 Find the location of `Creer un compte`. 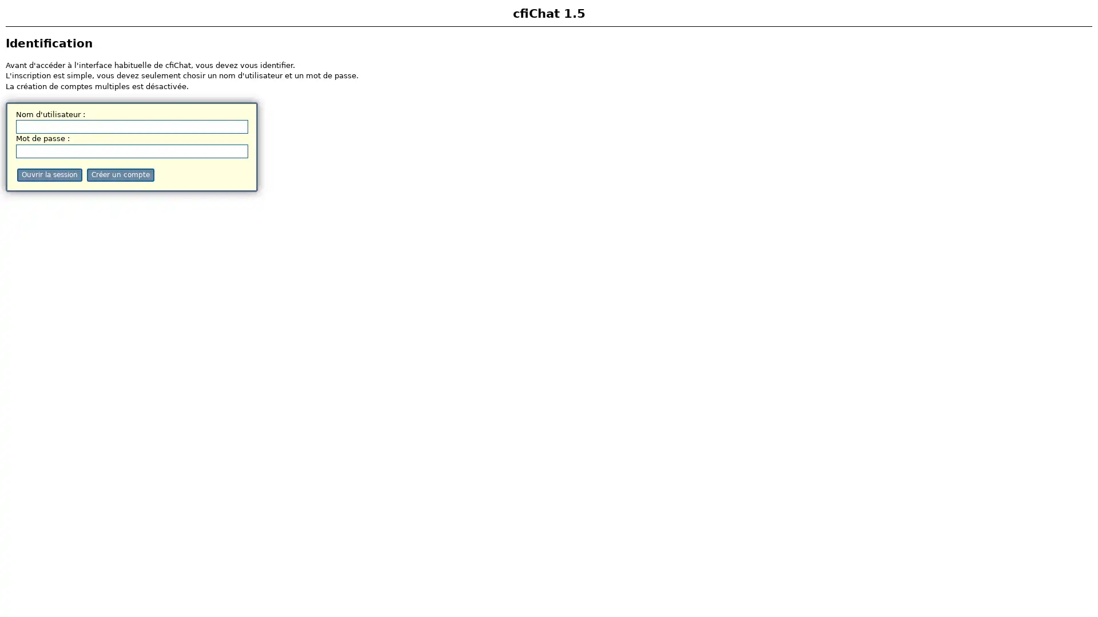

Creer un compte is located at coordinates (121, 174).